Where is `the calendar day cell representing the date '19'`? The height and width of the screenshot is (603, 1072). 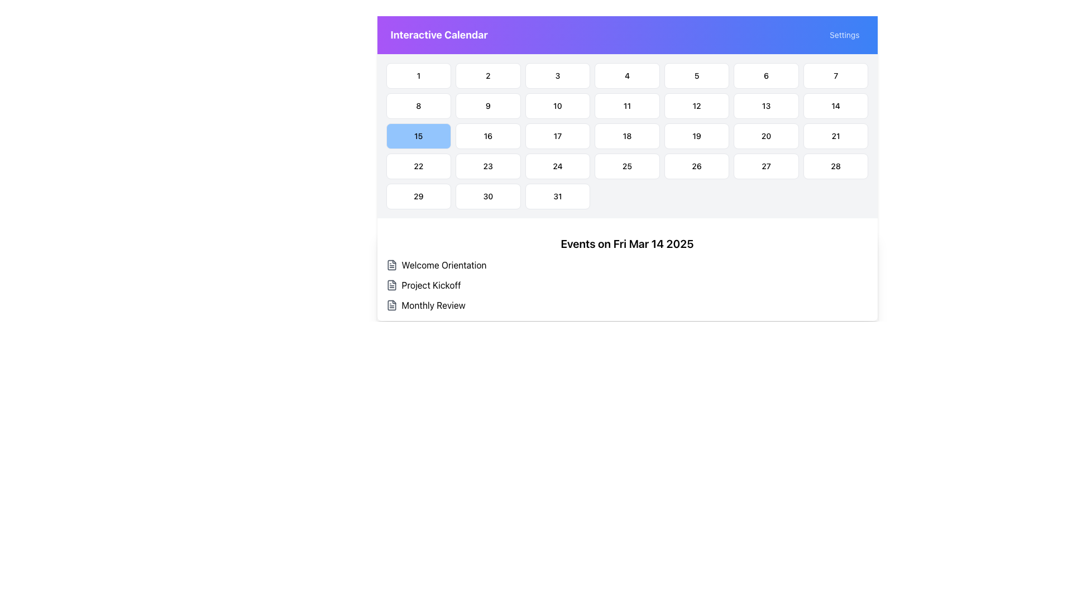
the calendar day cell representing the date '19' is located at coordinates (696, 135).